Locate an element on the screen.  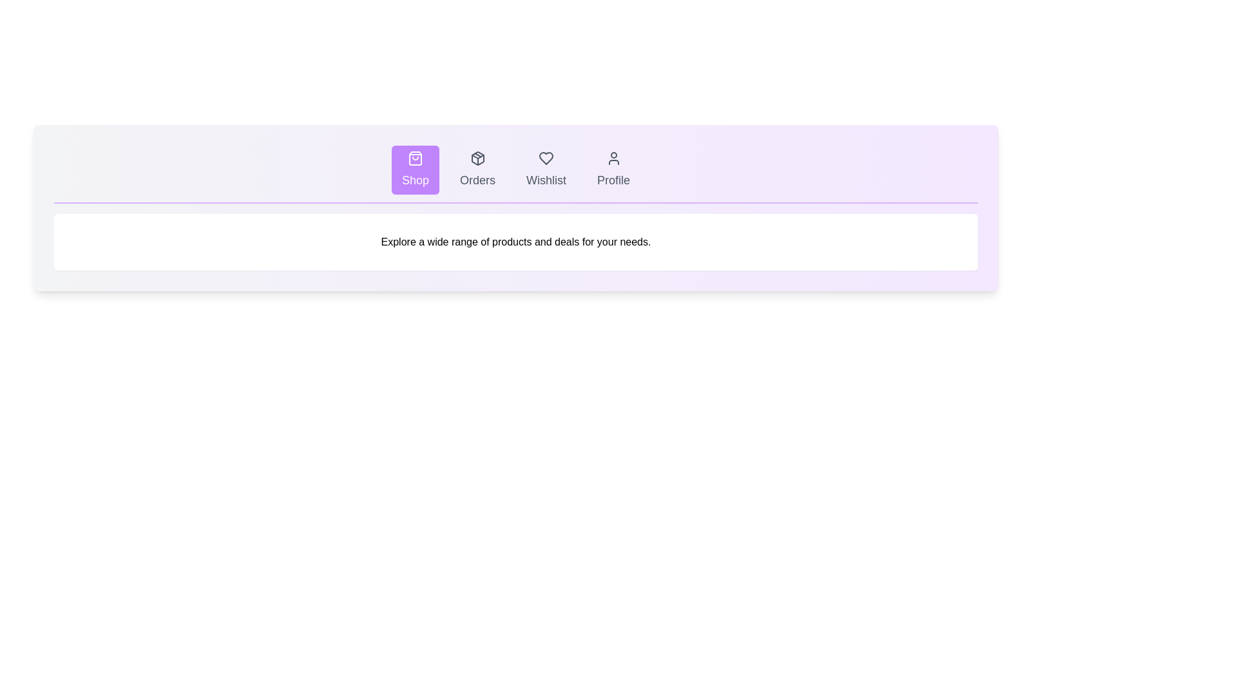
the tab corresponding to Profile by clicking on it is located at coordinates (612, 169).